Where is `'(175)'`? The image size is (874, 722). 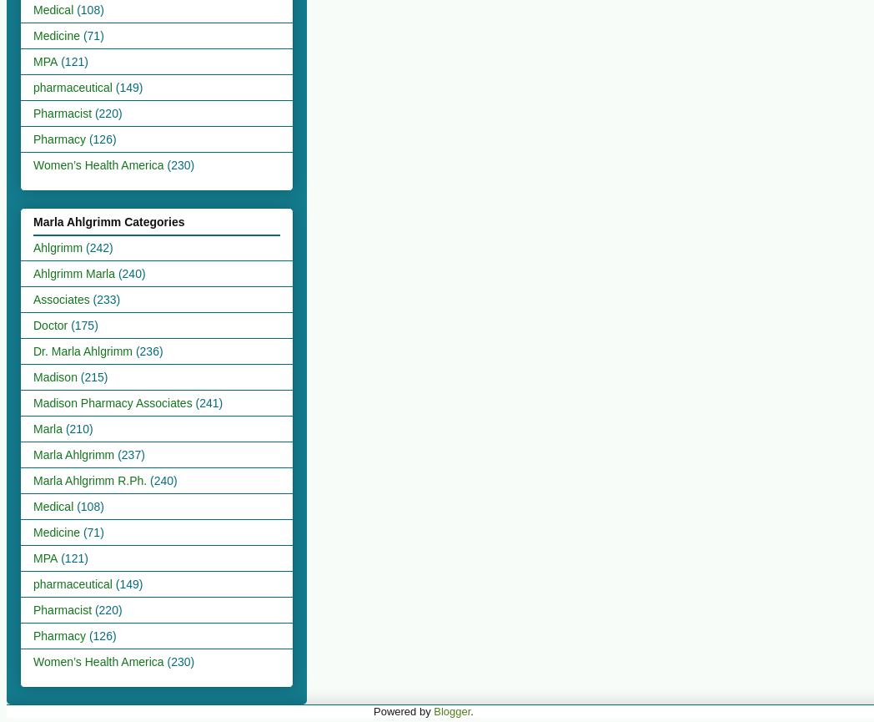 '(175)' is located at coordinates (83, 326).